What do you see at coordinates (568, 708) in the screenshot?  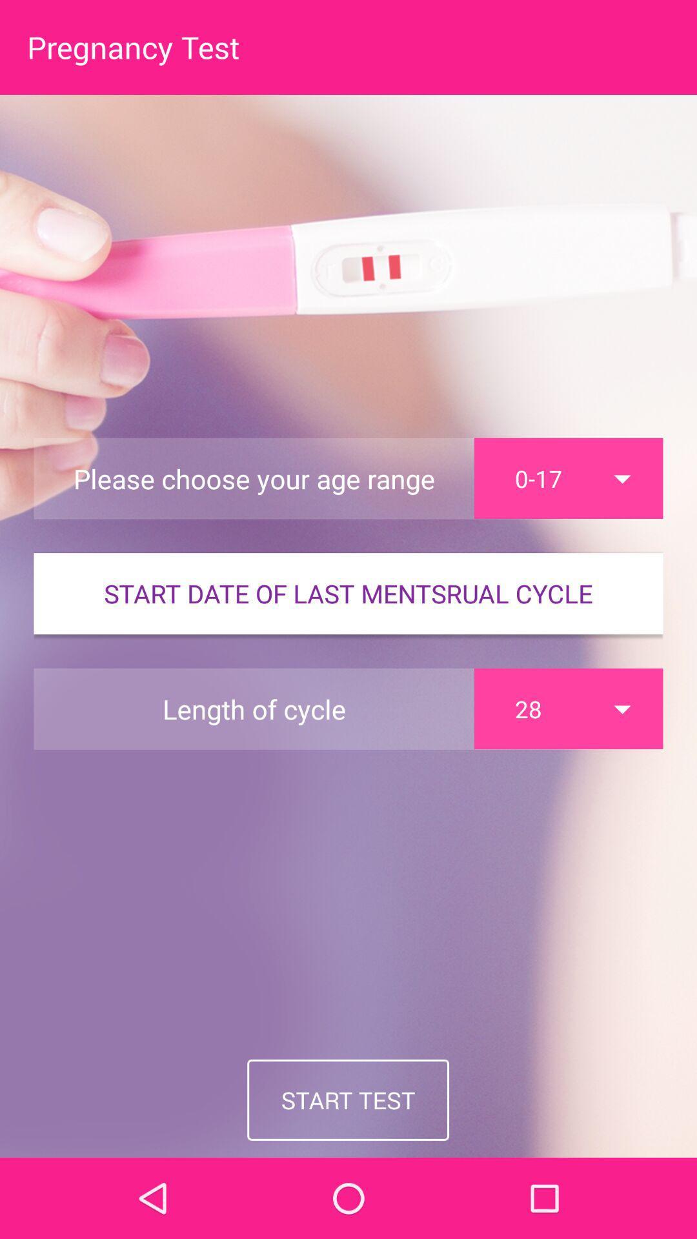 I see `the icon next to length of cycle icon` at bounding box center [568, 708].